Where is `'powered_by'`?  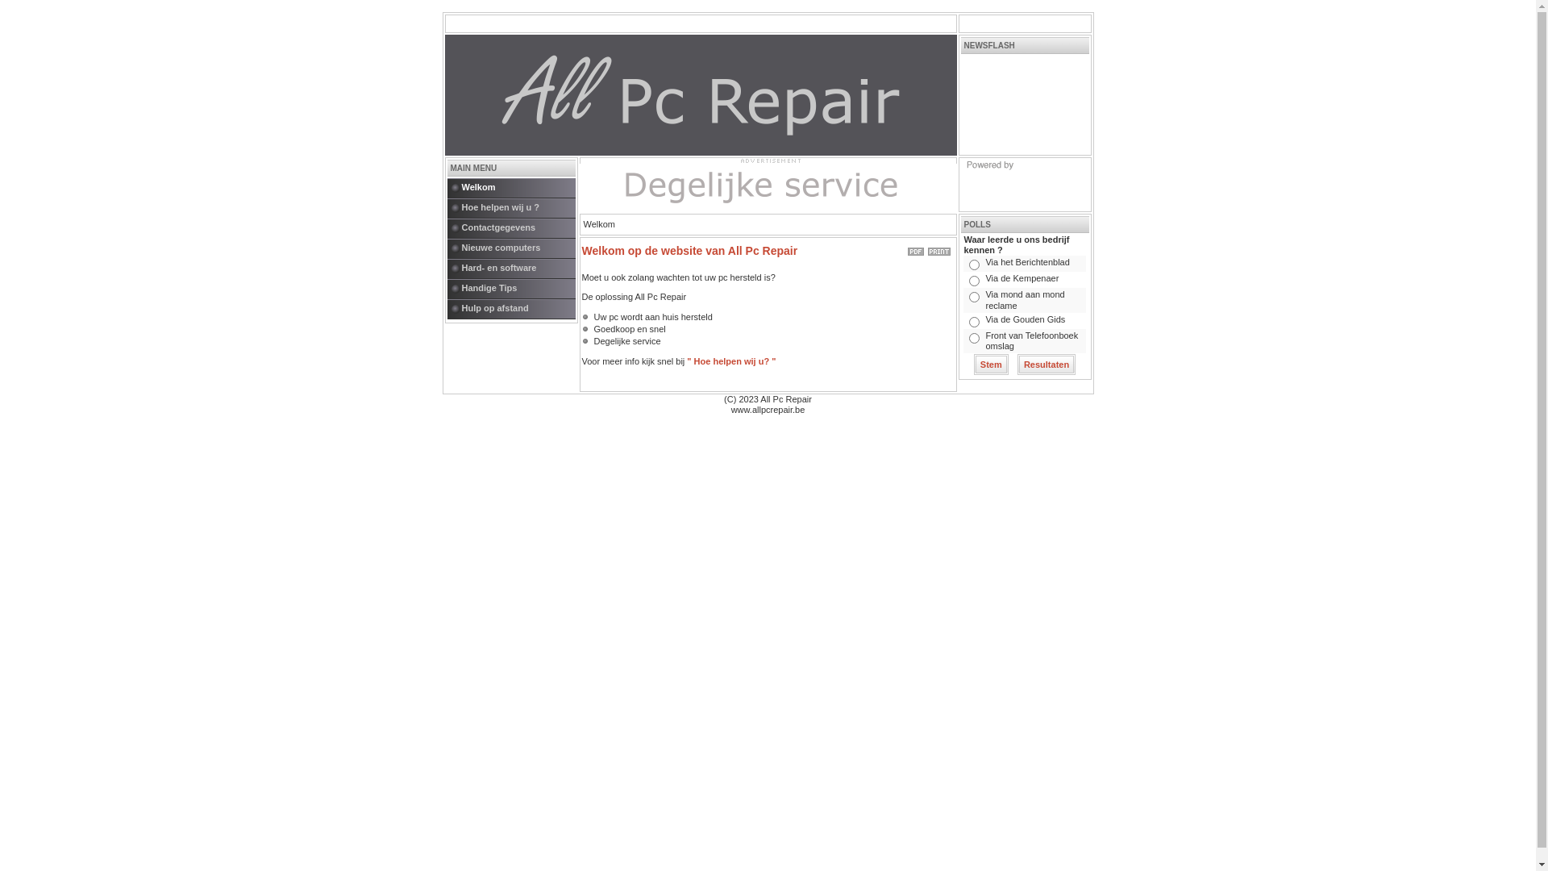
'powered_by' is located at coordinates (1023, 183).